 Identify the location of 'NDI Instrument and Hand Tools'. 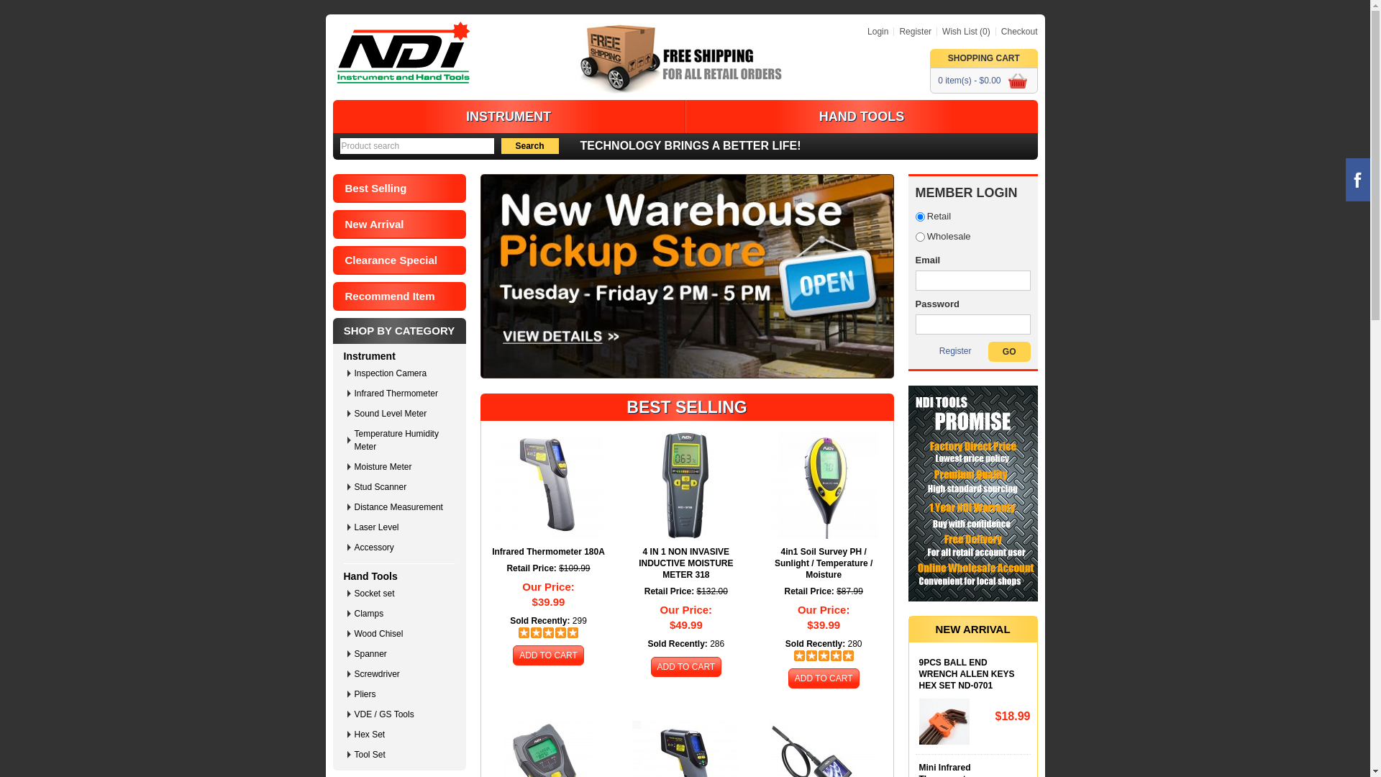
(403, 52).